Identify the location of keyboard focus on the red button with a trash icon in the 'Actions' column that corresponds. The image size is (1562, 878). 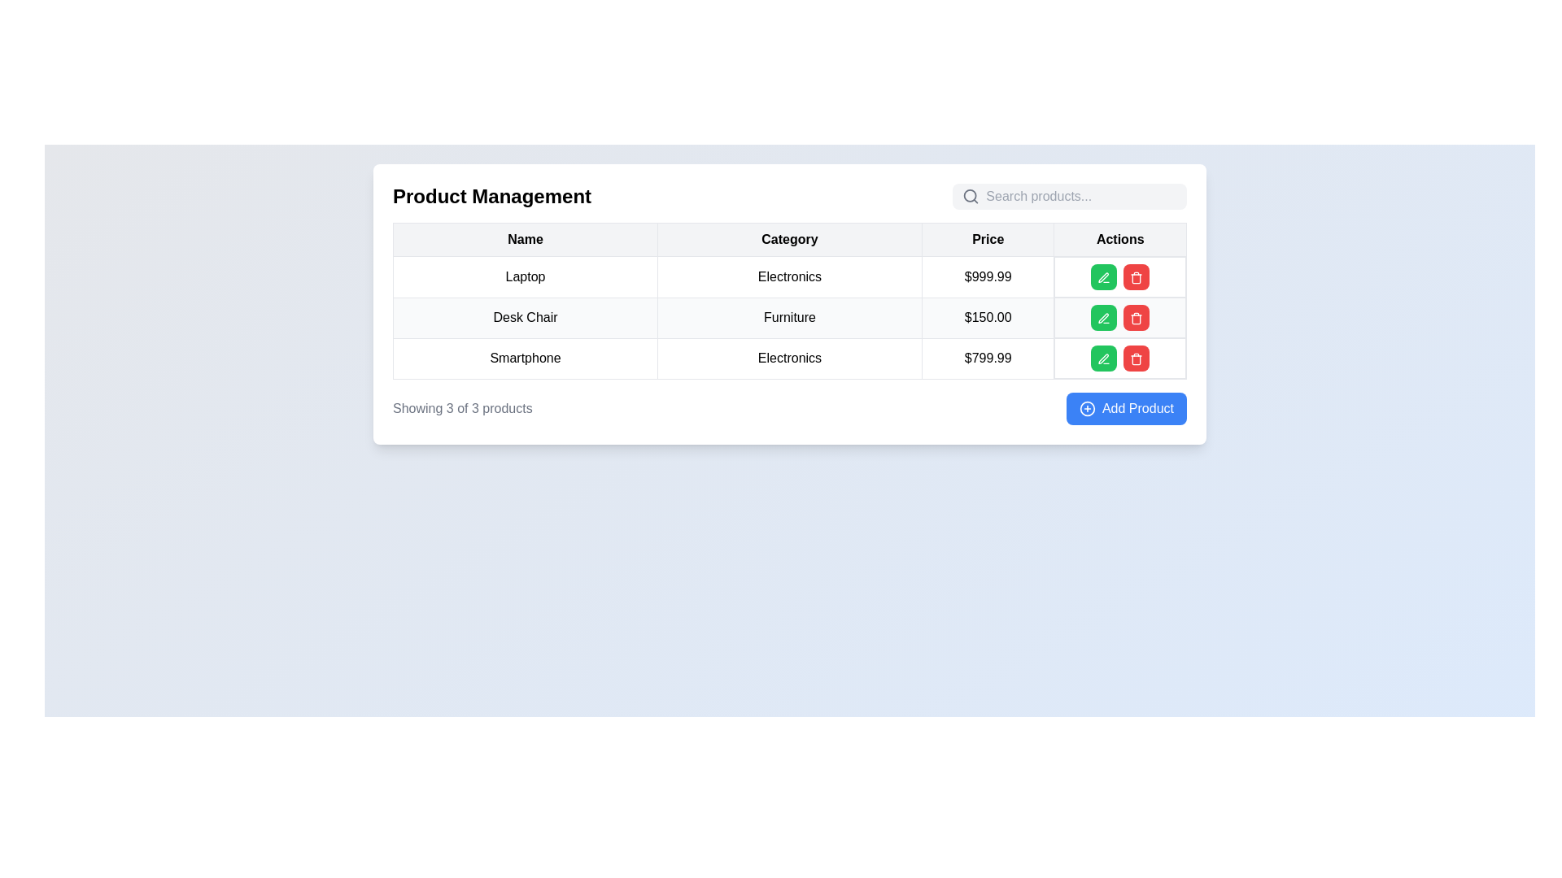
(1136, 357).